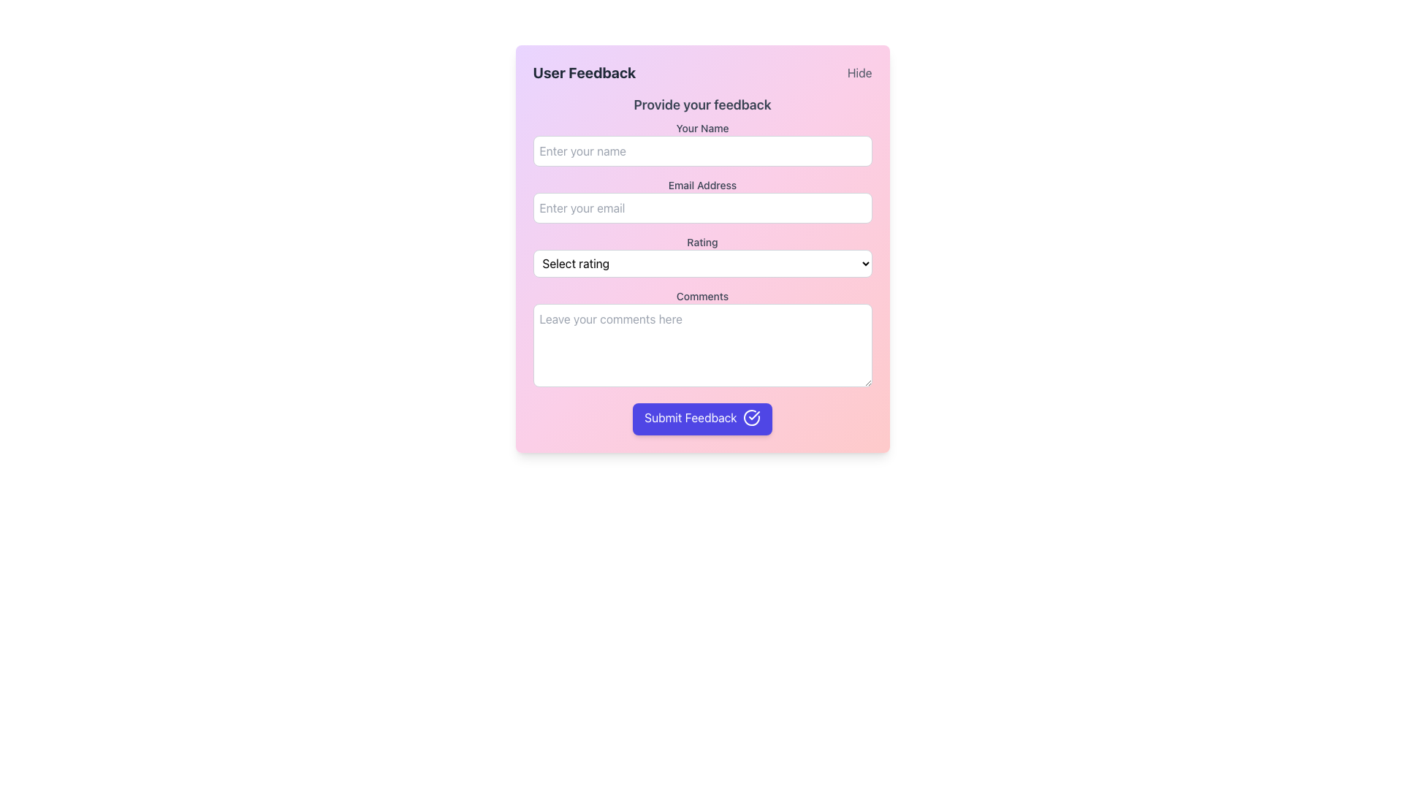  What do you see at coordinates (702, 296) in the screenshot?
I see `the 'Comments' label, which is styled with a medium, dark gray font on a light pink background, located above the comment text area in the 'User Feedback' form` at bounding box center [702, 296].